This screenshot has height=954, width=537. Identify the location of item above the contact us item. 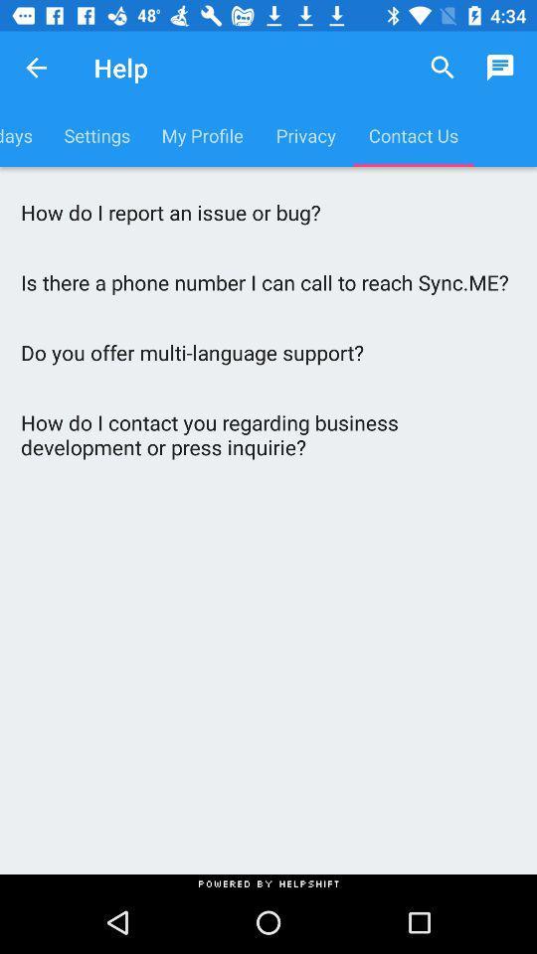
(443, 68).